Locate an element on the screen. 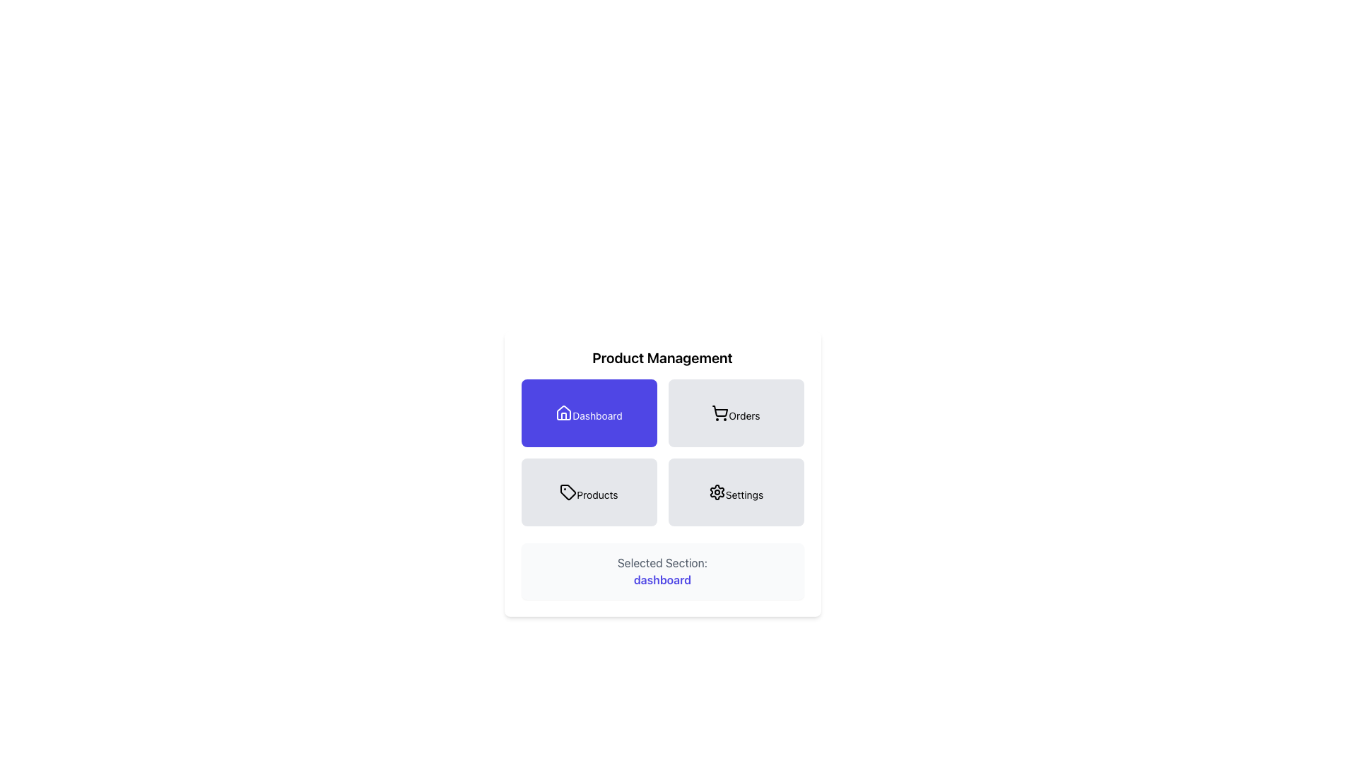 The width and height of the screenshot is (1357, 763). the Text Label that indicates the context for the 'dashboard' section, located at the bottom of the interface, specifically above the word 'dashboard' is located at coordinates (662, 562).